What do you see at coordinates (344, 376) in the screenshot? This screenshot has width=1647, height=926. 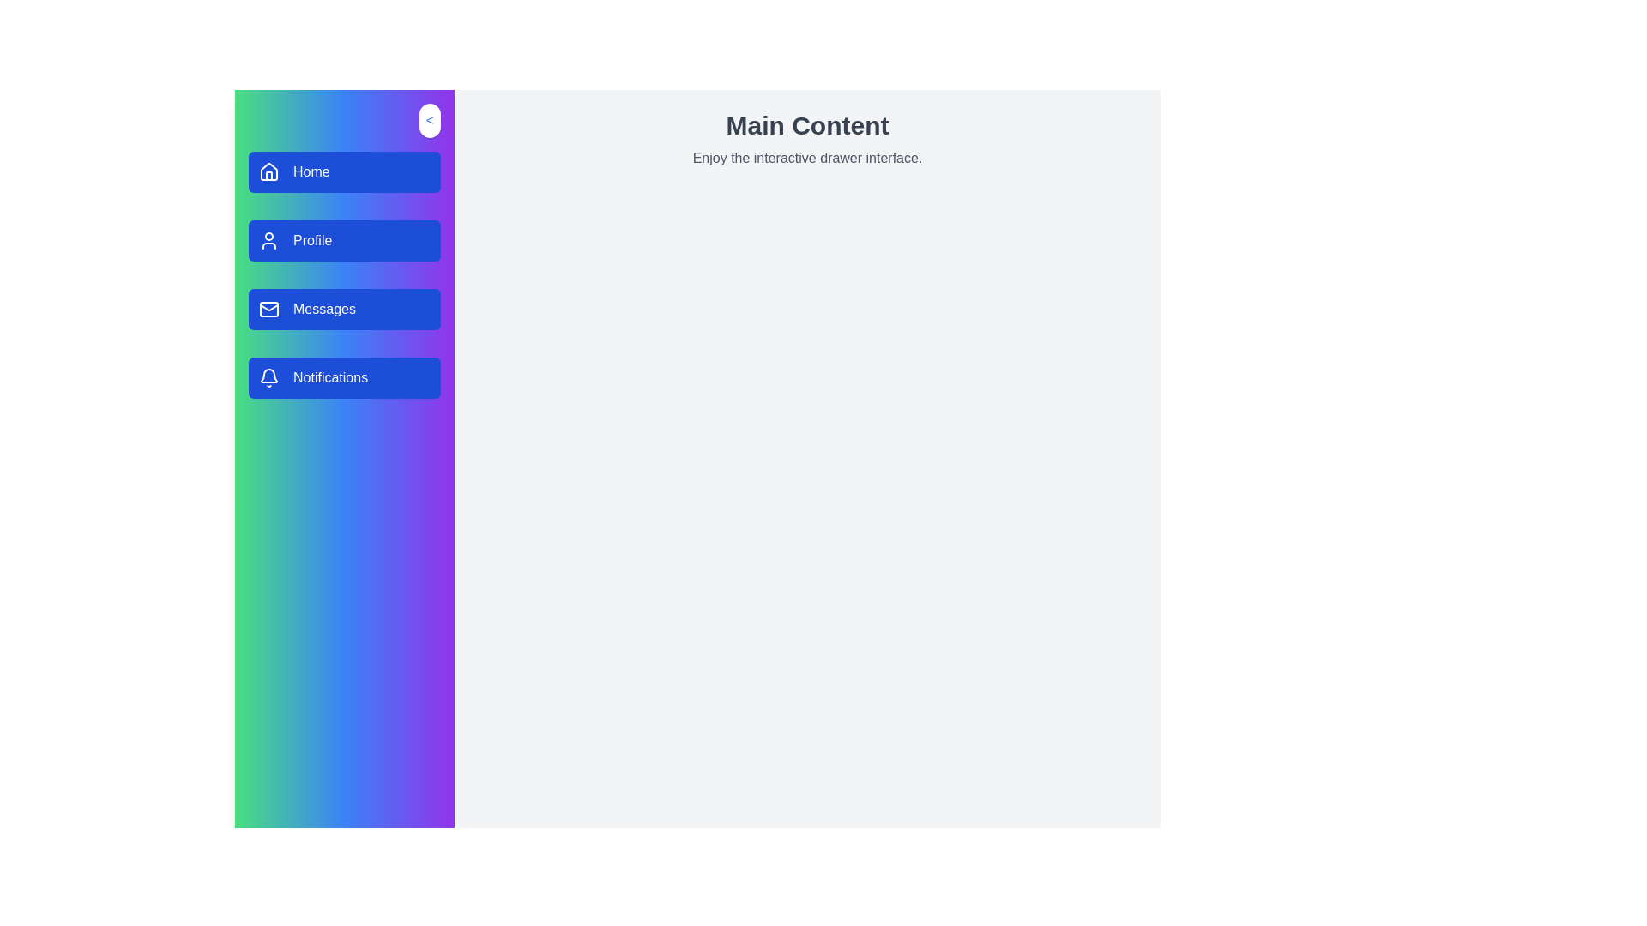 I see `the fourth navigation button in the left pane` at bounding box center [344, 376].